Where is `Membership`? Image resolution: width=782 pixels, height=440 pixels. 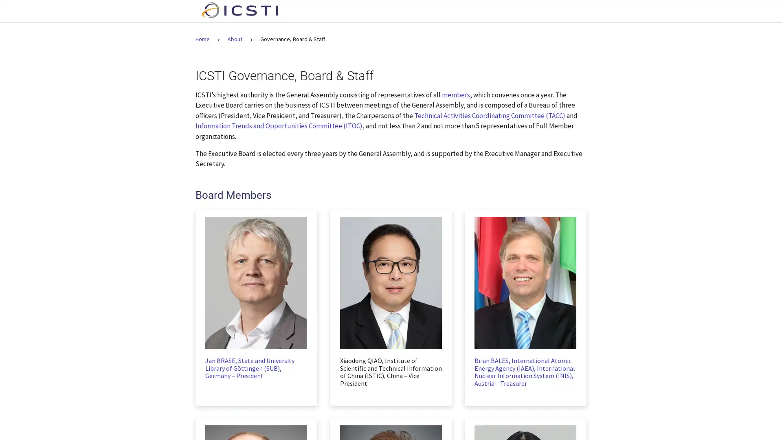
Membership is located at coordinates (532, 11).